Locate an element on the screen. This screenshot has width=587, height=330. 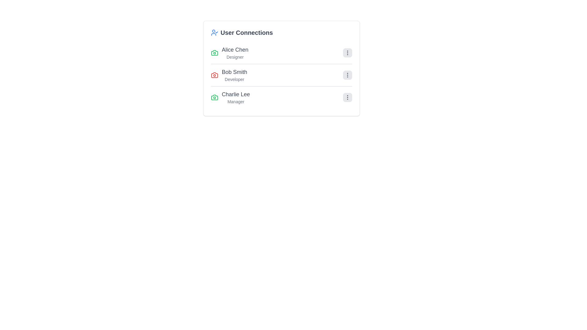
the text label displaying 'Alice Chen' and 'Designer' in the 'User Connections' section is located at coordinates (234, 53).